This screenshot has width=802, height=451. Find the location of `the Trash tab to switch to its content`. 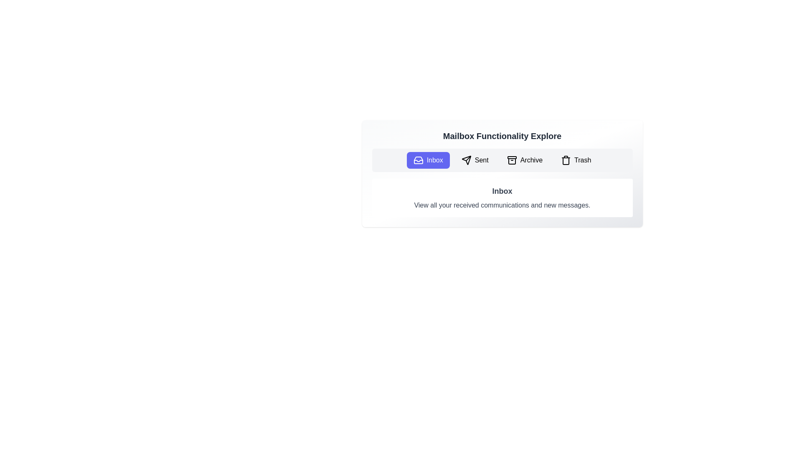

the Trash tab to switch to its content is located at coordinates (576, 160).